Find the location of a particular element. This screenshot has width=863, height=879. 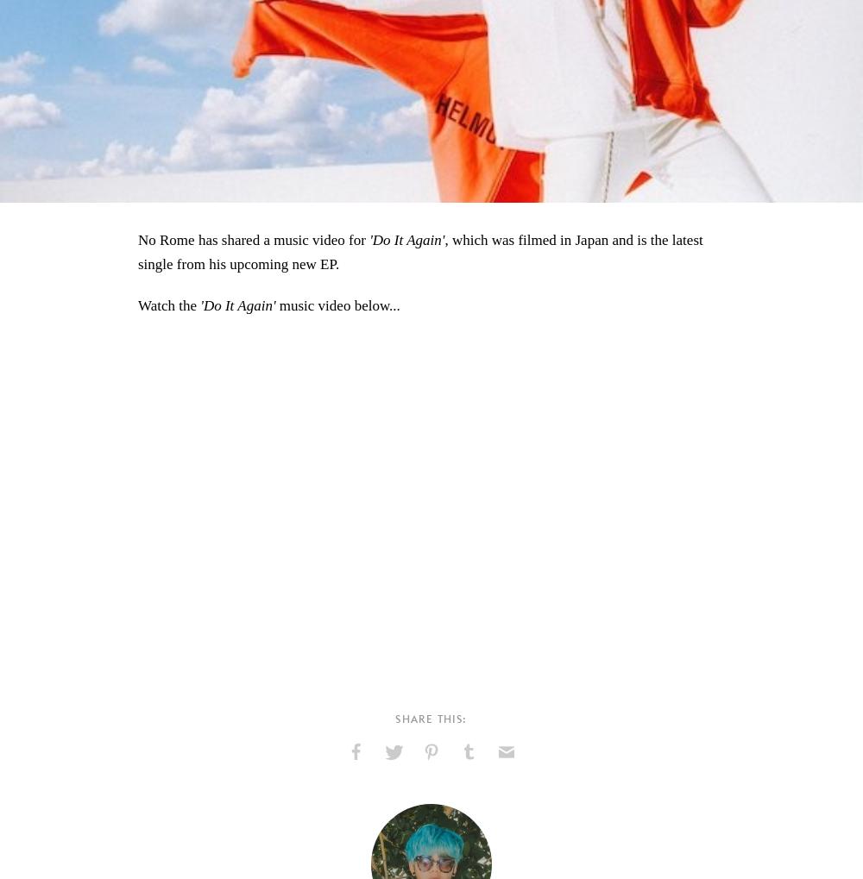

', which was filmed in Japan and is the latest single from his upcoming new EP.' is located at coordinates (419, 250).